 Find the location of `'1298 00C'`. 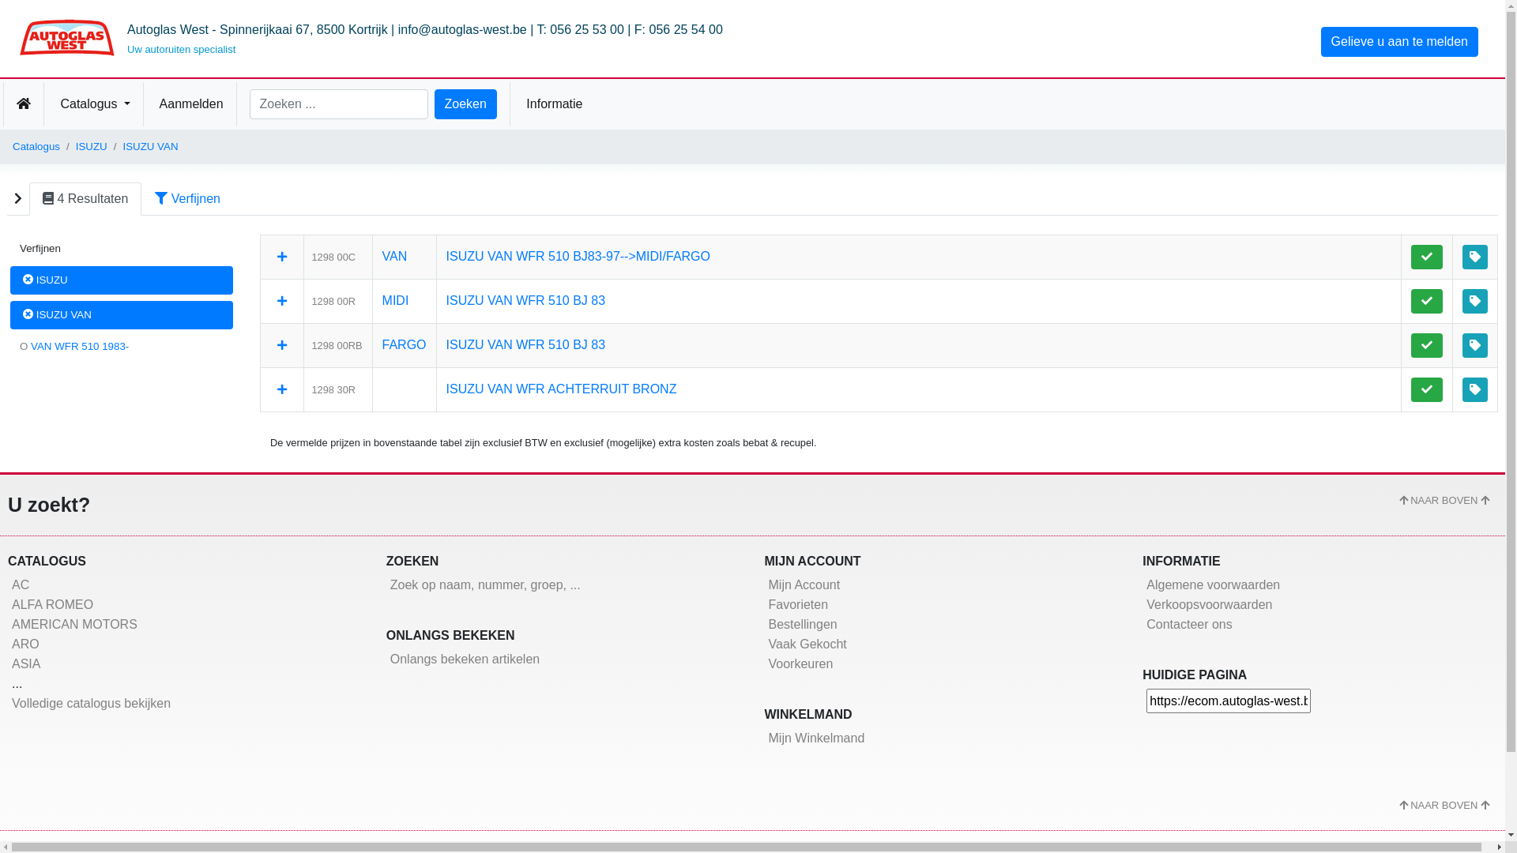

'1298 00C' is located at coordinates (333, 255).